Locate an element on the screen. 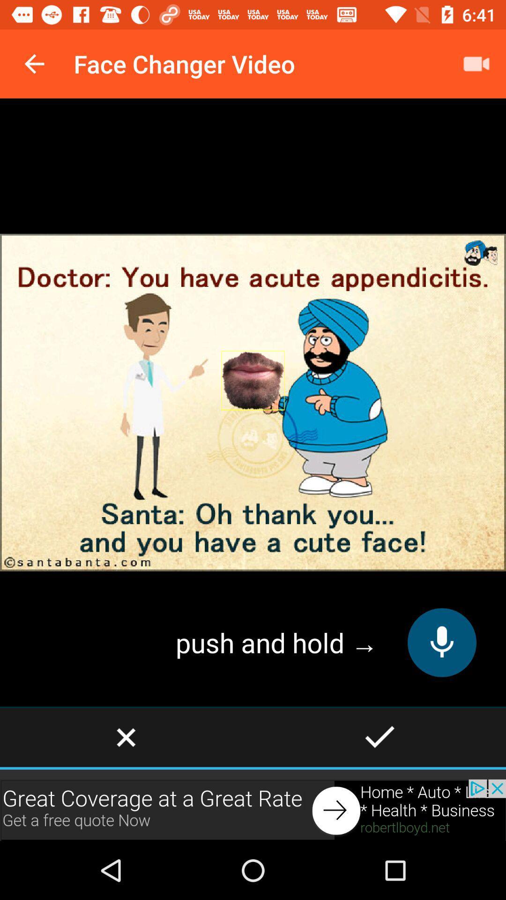 The width and height of the screenshot is (506, 900). shows the advertisement tab is located at coordinates (253, 810).